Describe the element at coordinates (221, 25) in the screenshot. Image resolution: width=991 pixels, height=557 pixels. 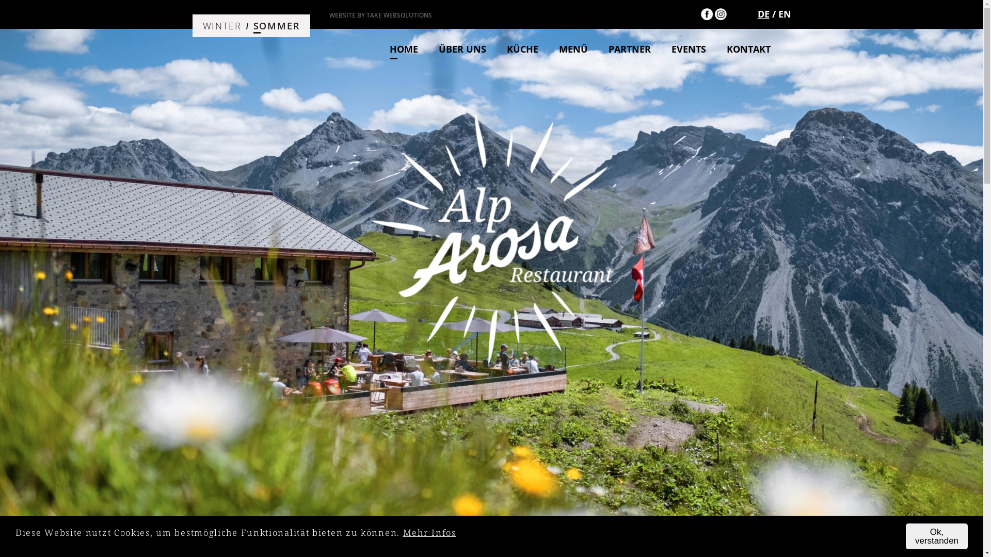
I see `'WINTER'` at that location.